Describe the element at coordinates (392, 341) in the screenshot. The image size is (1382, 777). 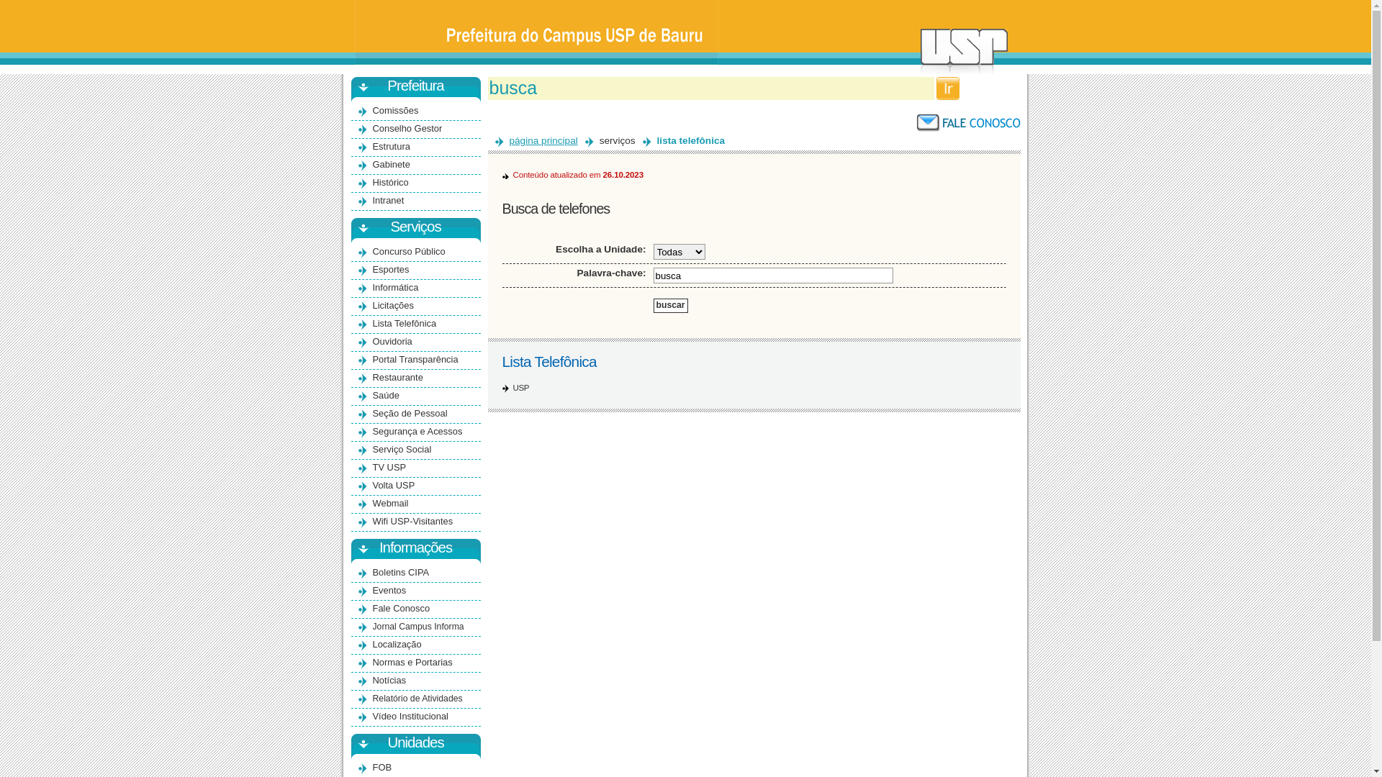
I see `'Ouvidoria'` at that location.